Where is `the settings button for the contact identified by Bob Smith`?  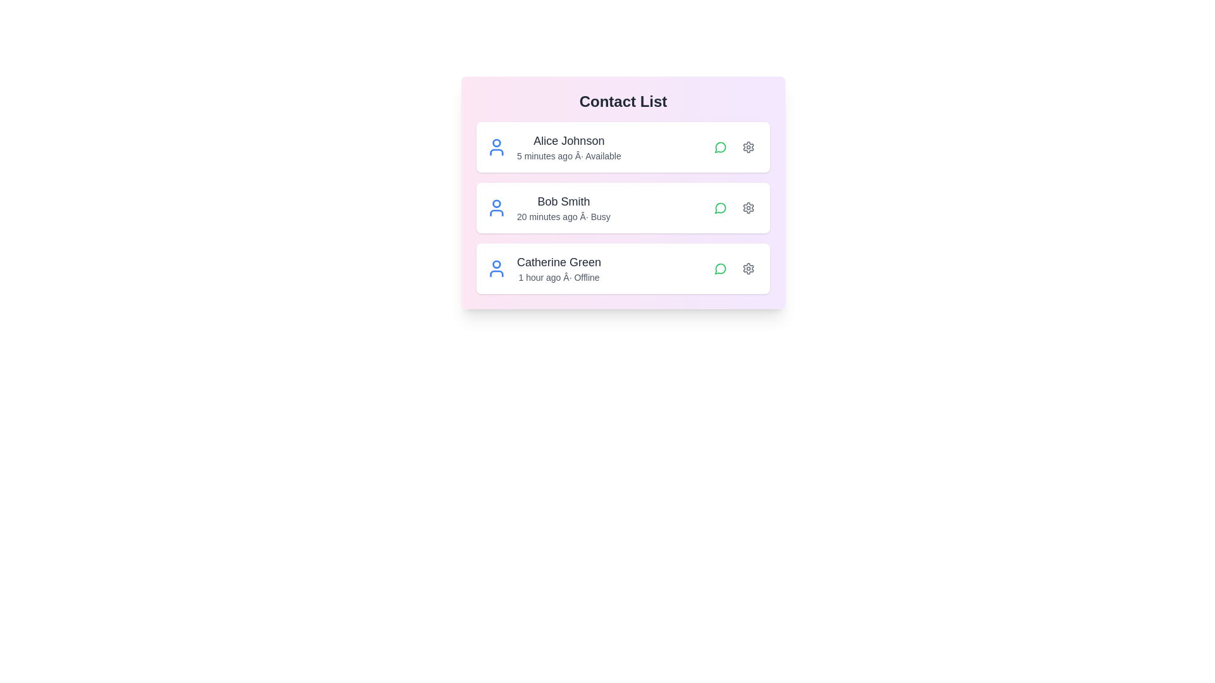 the settings button for the contact identified by Bob Smith is located at coordinates (748, 207).